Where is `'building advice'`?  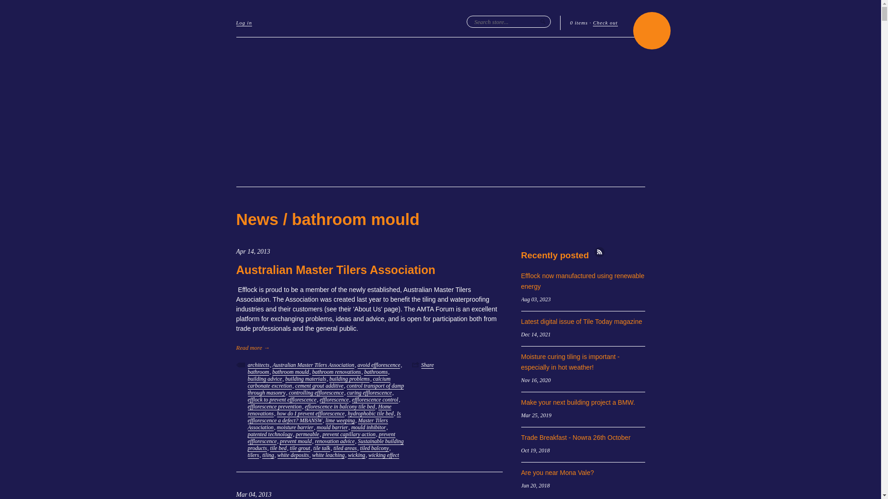 'building advice' is located at coordinates (264, 379).